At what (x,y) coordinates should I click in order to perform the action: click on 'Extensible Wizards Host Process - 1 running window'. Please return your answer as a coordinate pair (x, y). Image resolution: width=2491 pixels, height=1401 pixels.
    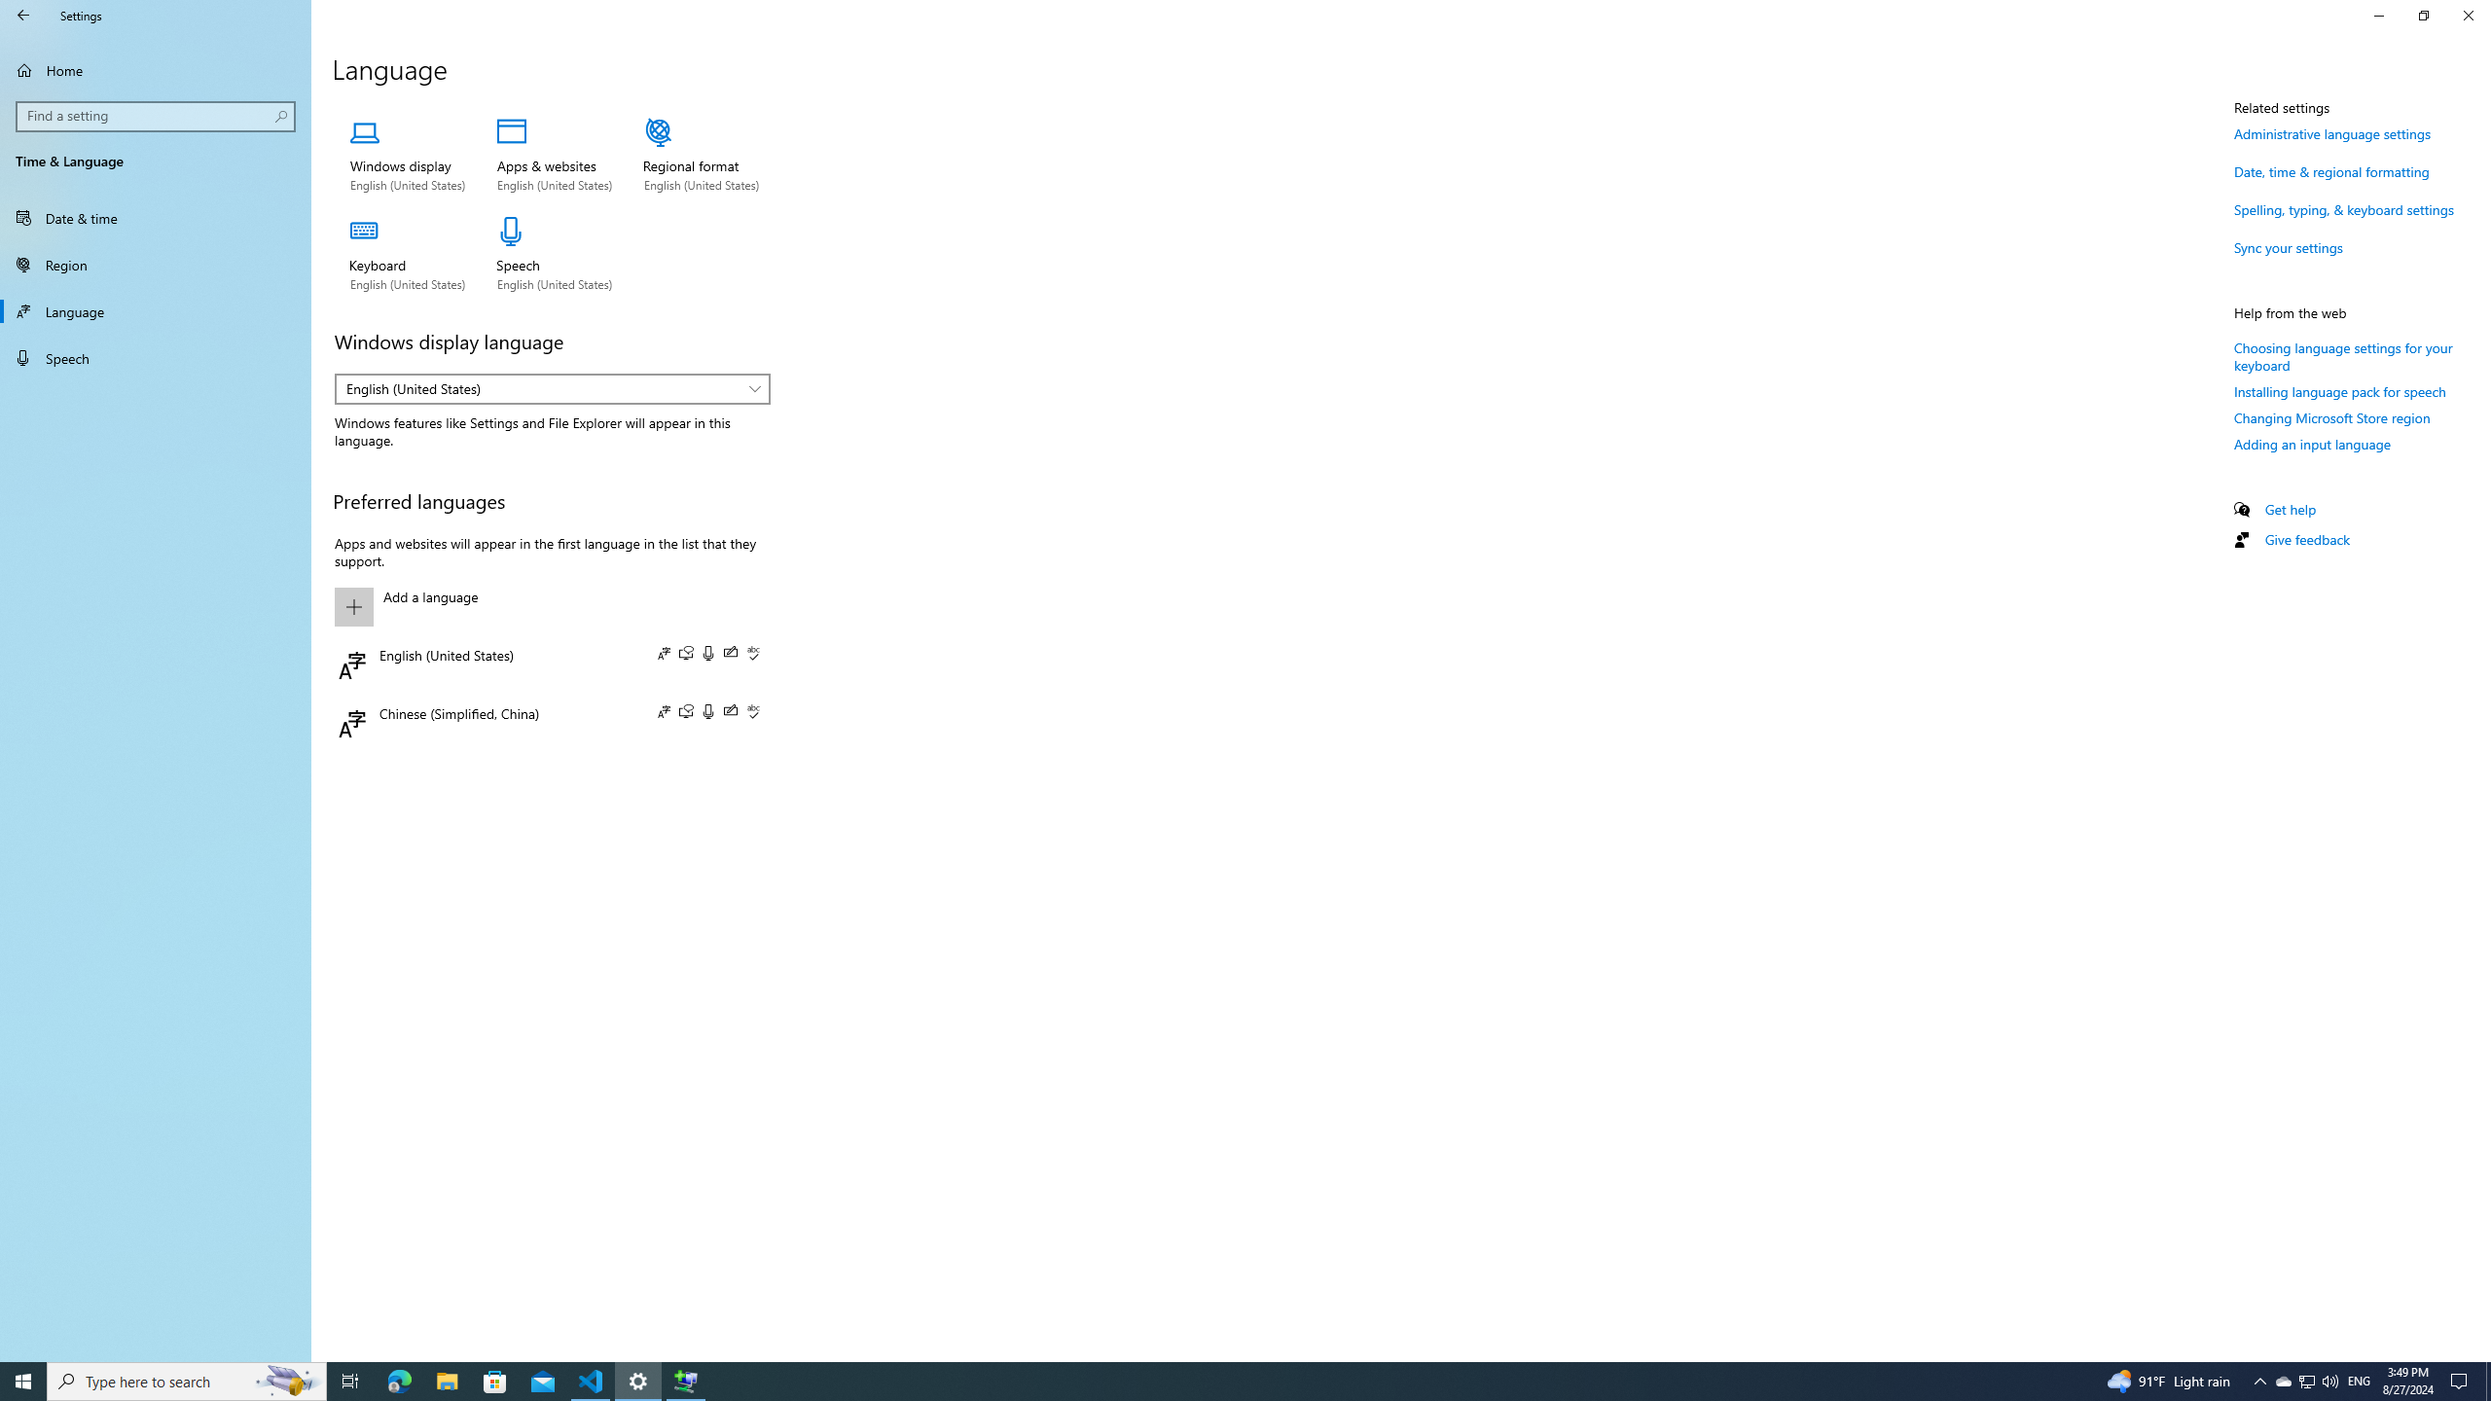
    Looking at the image, I should click on (686, 1380).